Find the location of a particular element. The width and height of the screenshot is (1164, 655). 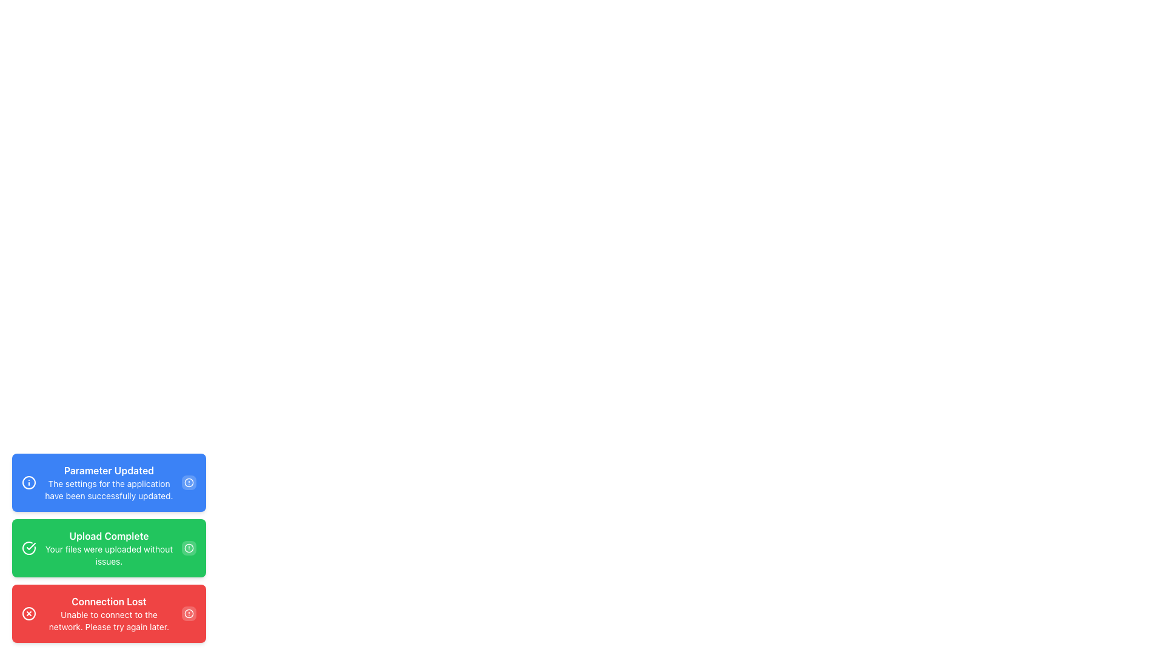

bold white text 'Connection Lost' from the prominent header Text Label with a red background, located above the subtitle in the third card of the vertical list is located at coordinates (109, 601).